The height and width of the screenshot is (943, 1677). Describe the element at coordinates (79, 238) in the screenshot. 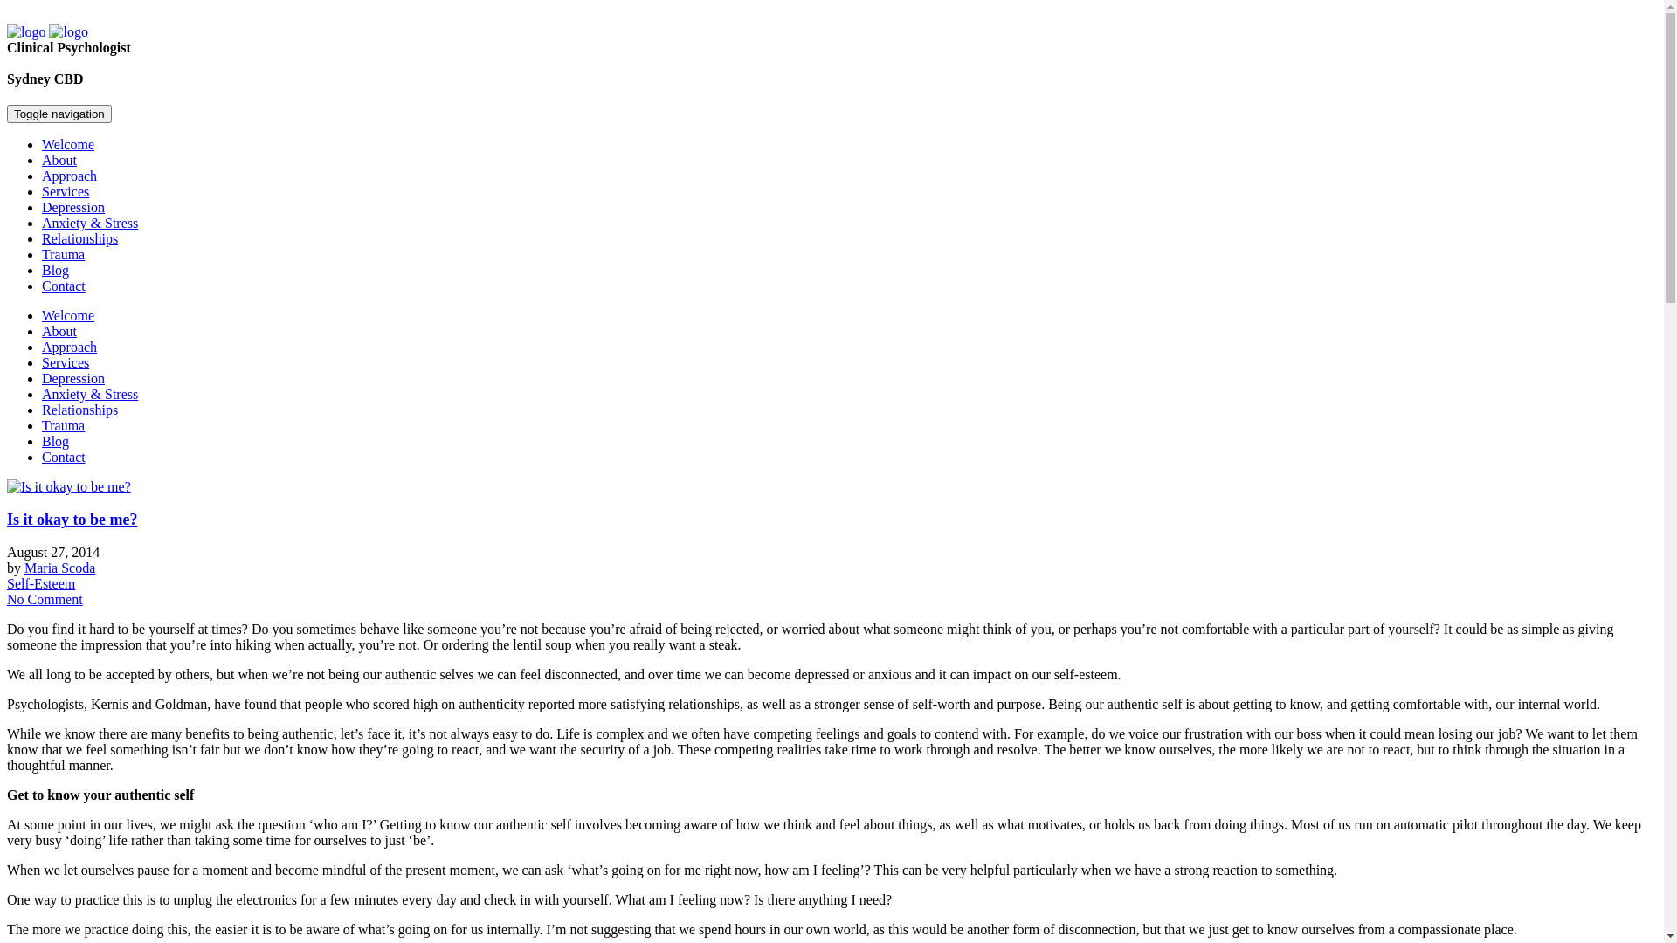

I see `'Relationships'` at that location.